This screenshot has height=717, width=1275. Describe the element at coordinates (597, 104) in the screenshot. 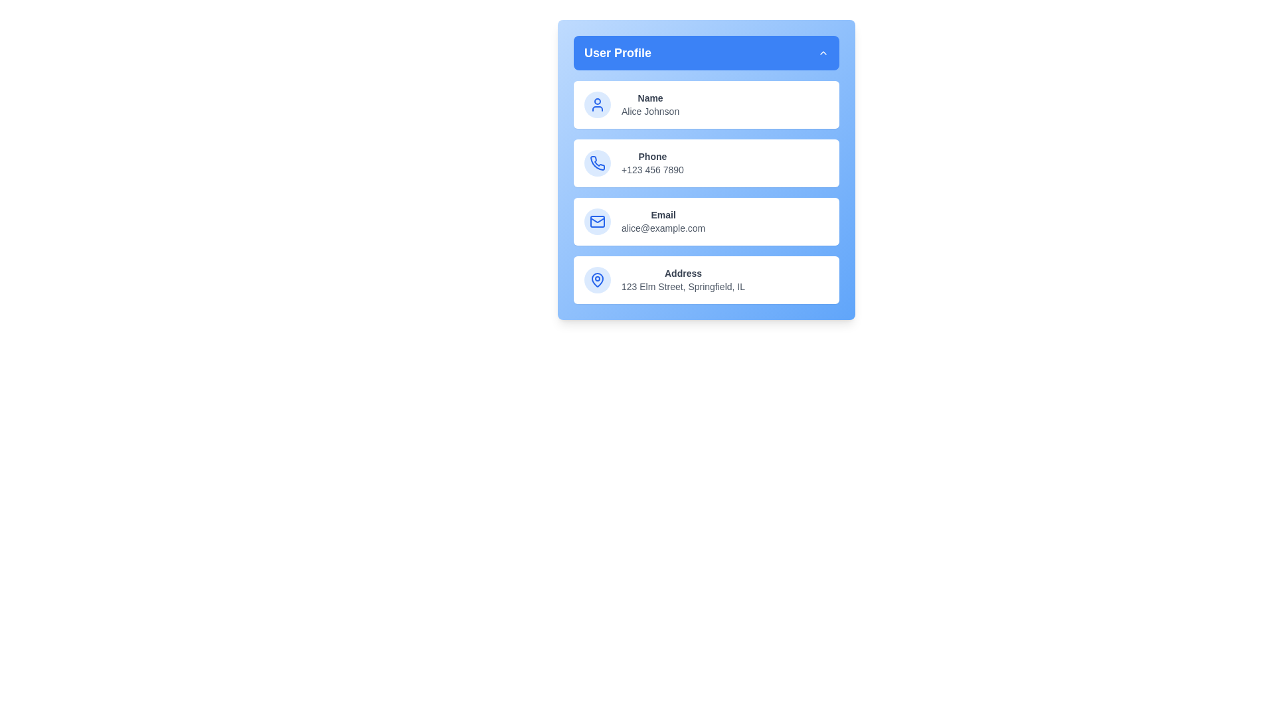

I see `the user profile icon located in the top-left area of the card containing personal information, situated immediately left of the text 'Name' and 'Alice Johnson'` at that location.